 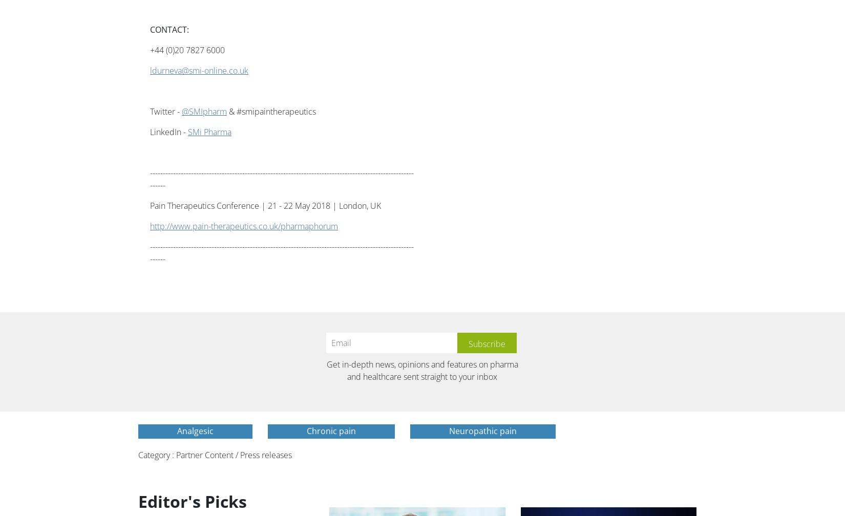 I want to click on 'Twitter -', so click(x=150, y=112).